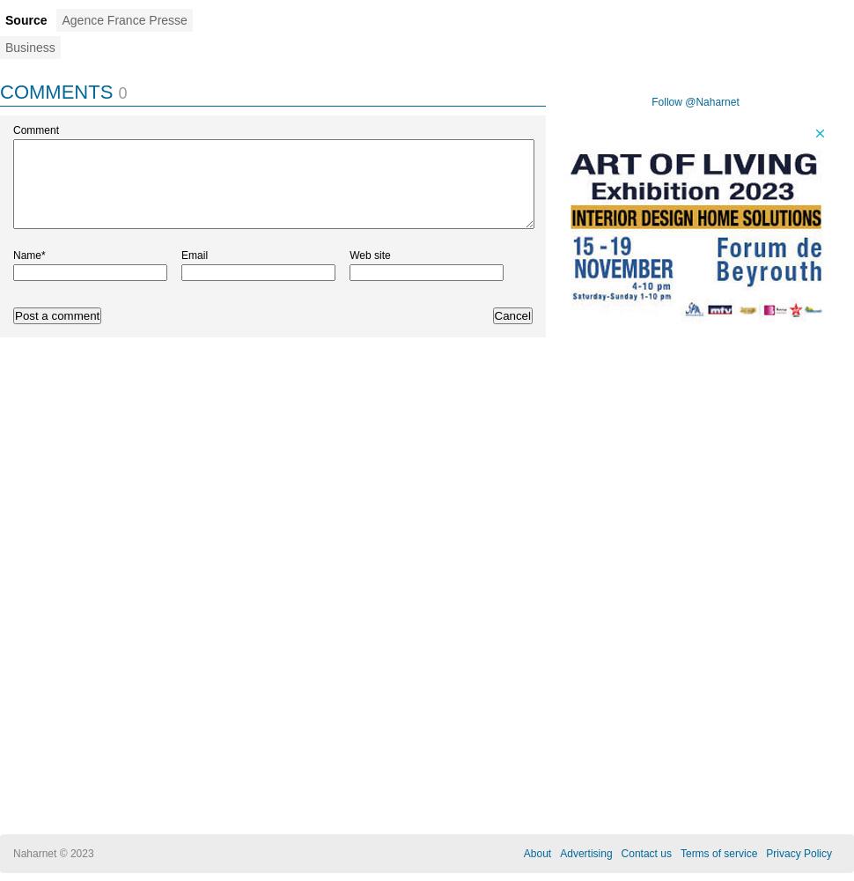 The image size is (854, 881). I want to click on 'Privacy Policy', so click(764, 853).